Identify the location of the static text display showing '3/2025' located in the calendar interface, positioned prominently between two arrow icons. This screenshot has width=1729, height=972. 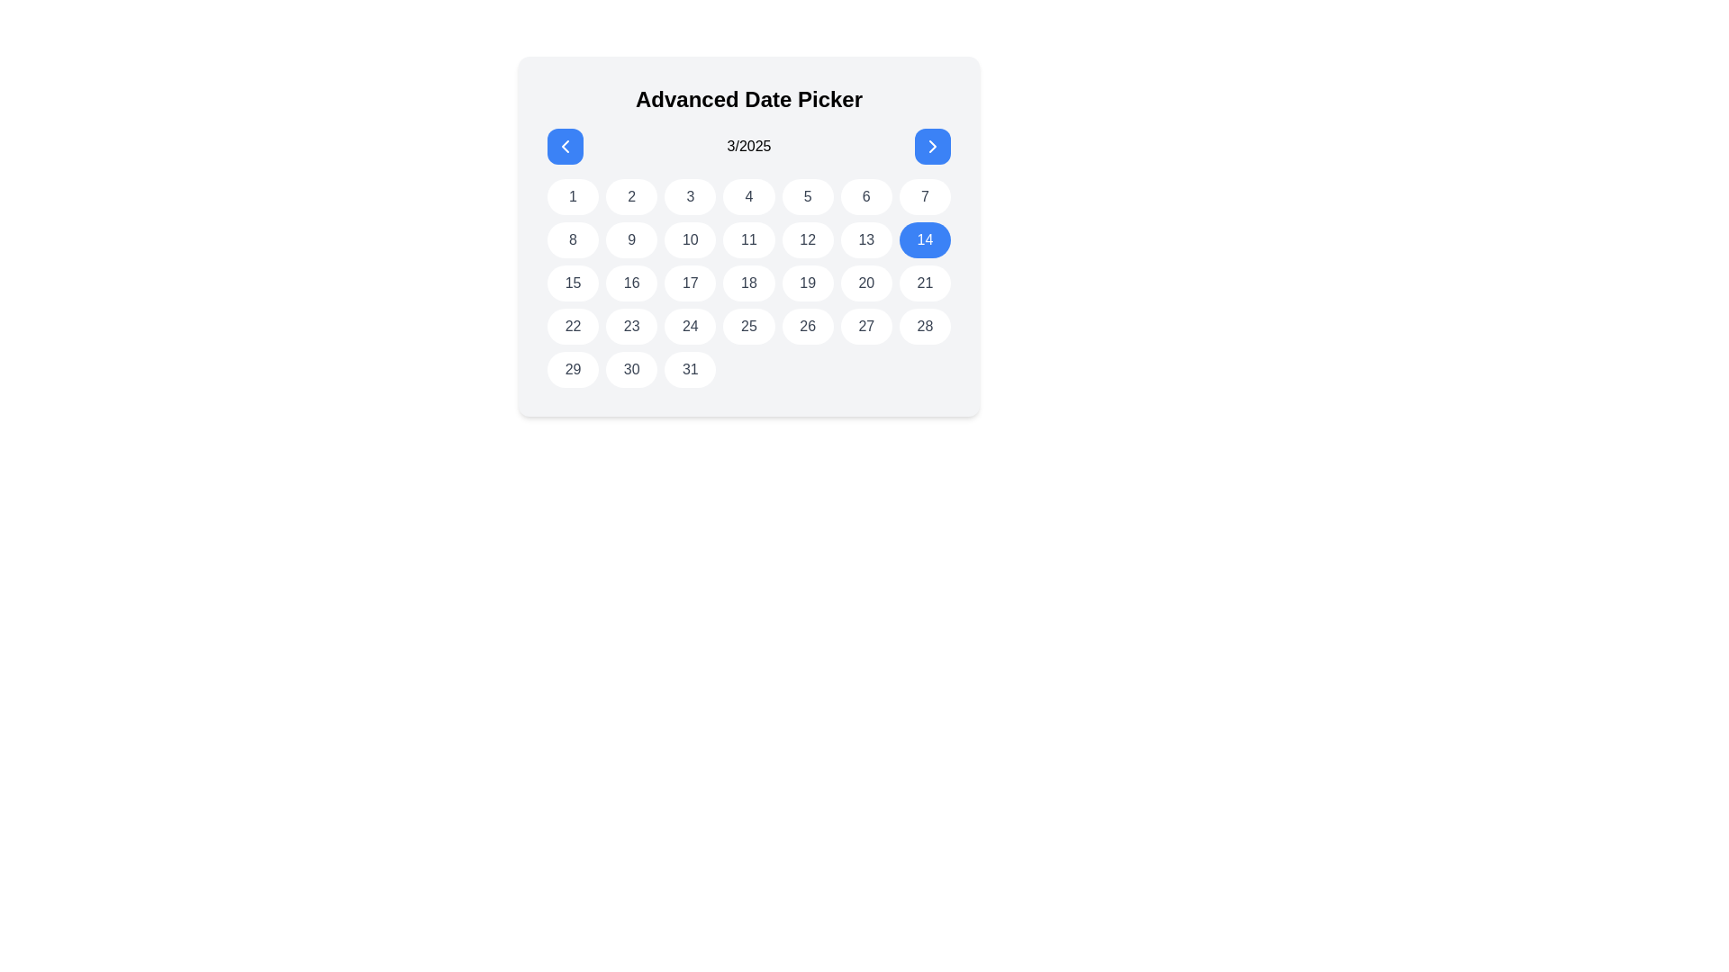
(748, 145).